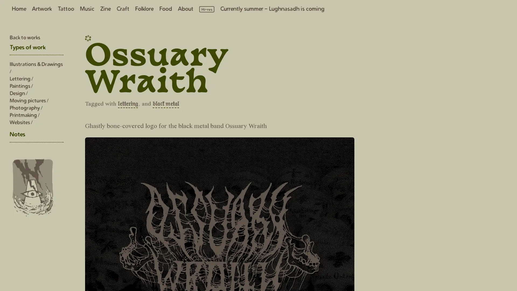 Image resolution: width=517 pixels, height=291 pixels. Describe the element at coordinates (207, 9) in the screenshot. I see `Load high resolution images` at that location.